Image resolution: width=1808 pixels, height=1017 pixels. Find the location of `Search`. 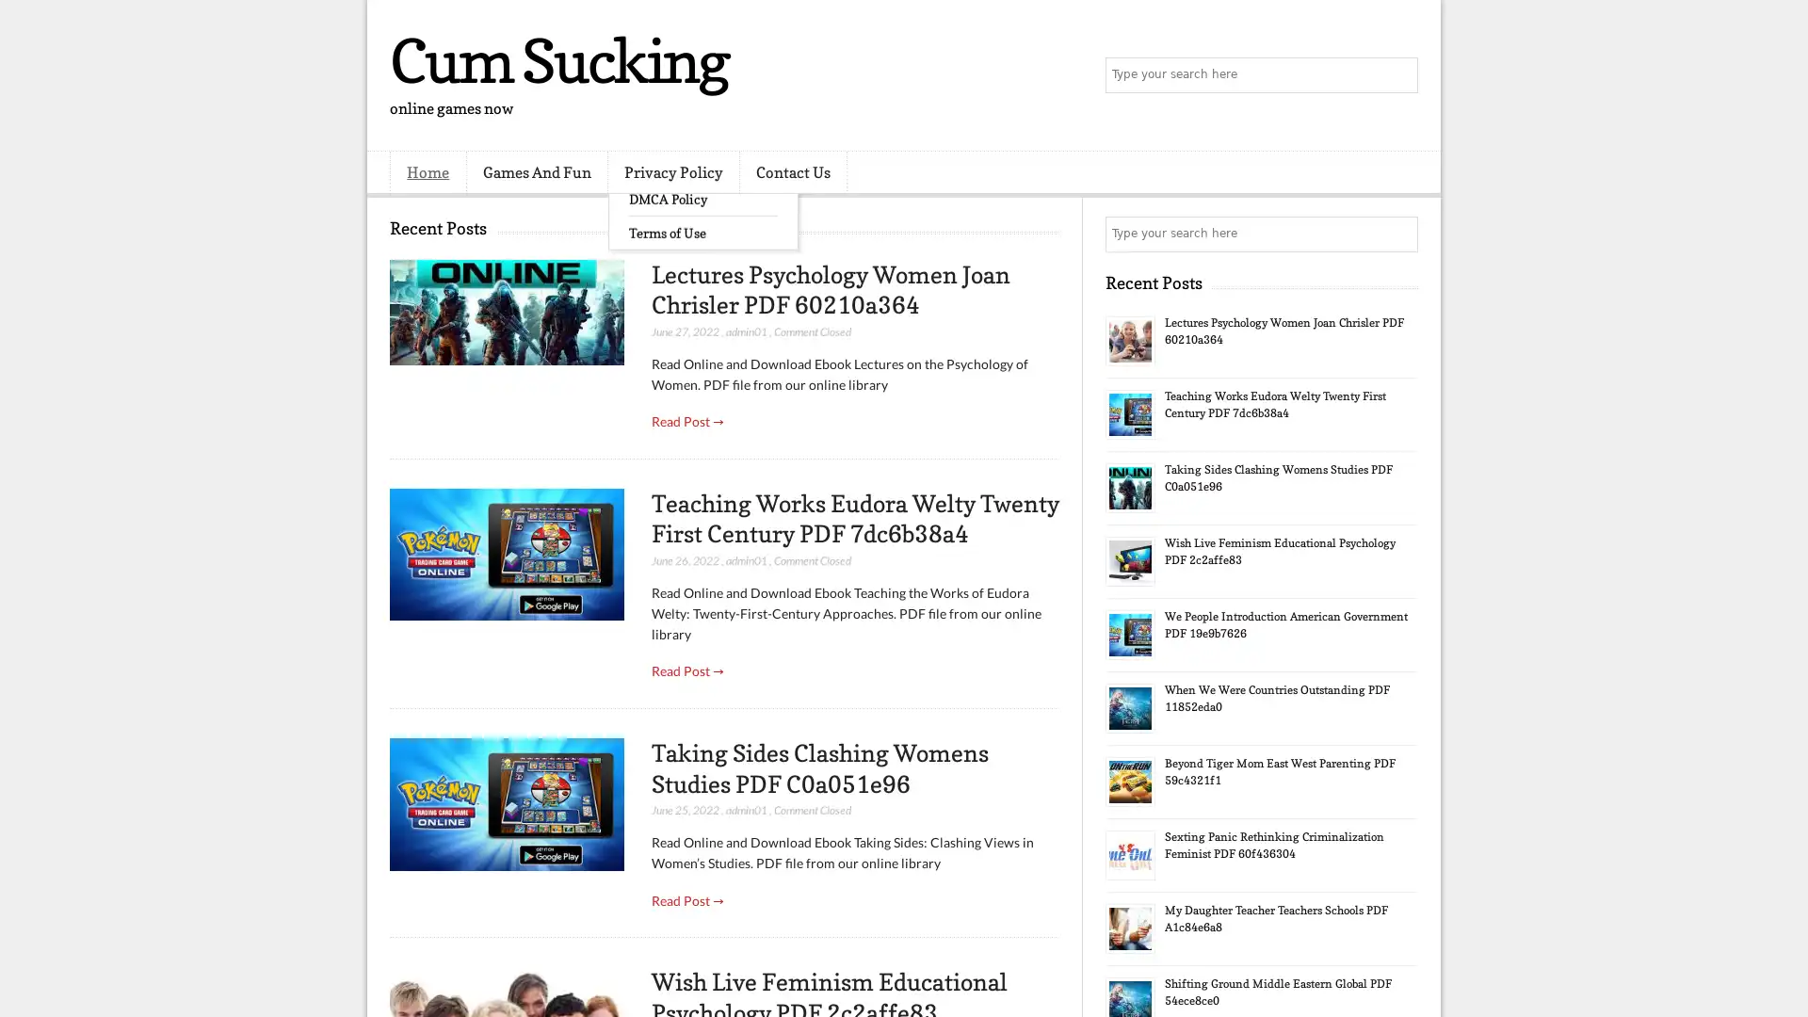

Search is located at coordinates (1398, 75).